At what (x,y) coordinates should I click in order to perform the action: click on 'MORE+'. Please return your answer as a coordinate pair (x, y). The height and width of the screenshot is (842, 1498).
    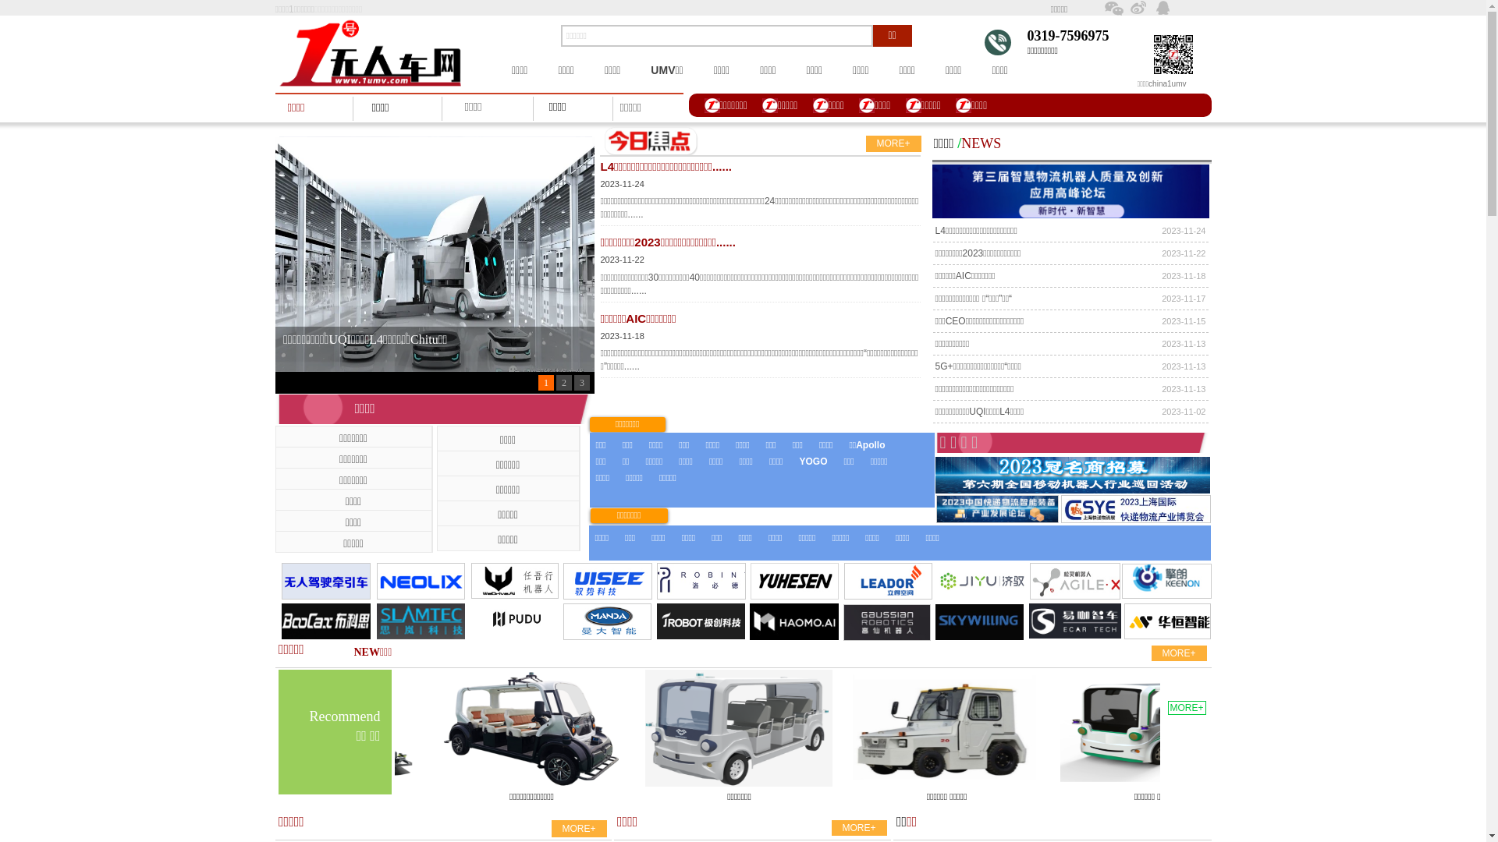
    Looking at the image, I should click on (893, 143).